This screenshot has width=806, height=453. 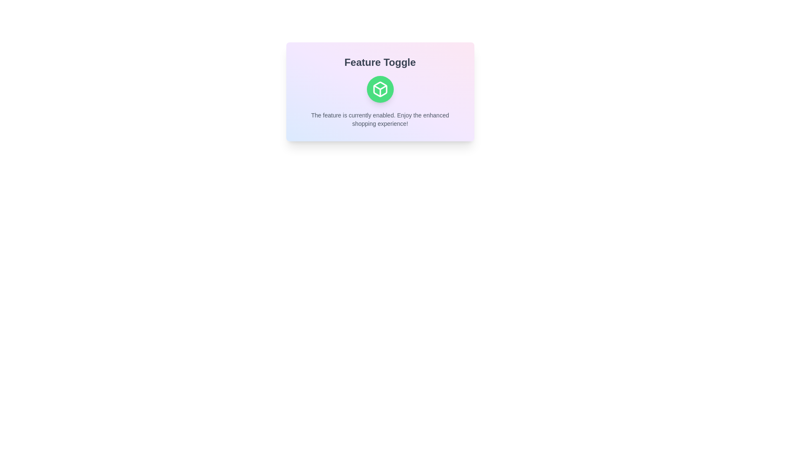 I want to click on the green box icon with a white cube-like pattern located in the center of the 'Feature Toggle' card by hovering over it, so click(x=379, y=89).